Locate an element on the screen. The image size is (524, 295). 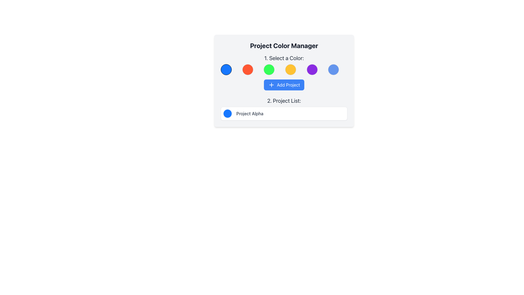
the first circular color option button in the color selection tool, positioned on the far left of the row is located at coordinates (226, 69).